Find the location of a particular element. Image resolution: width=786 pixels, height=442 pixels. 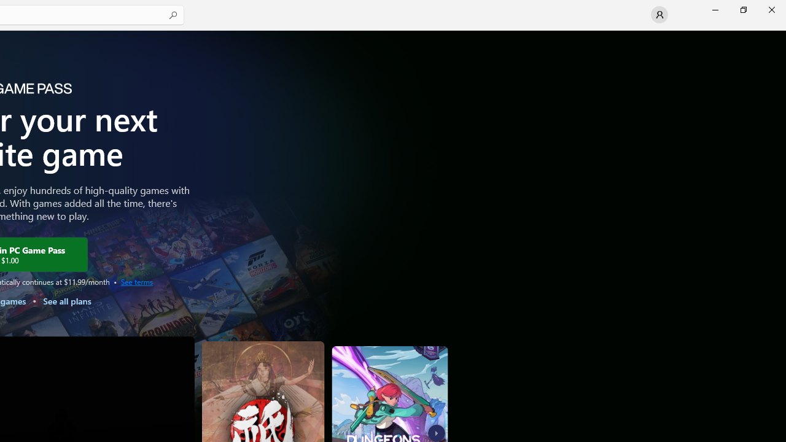

'See terms' is located at coordinates (136, 281).